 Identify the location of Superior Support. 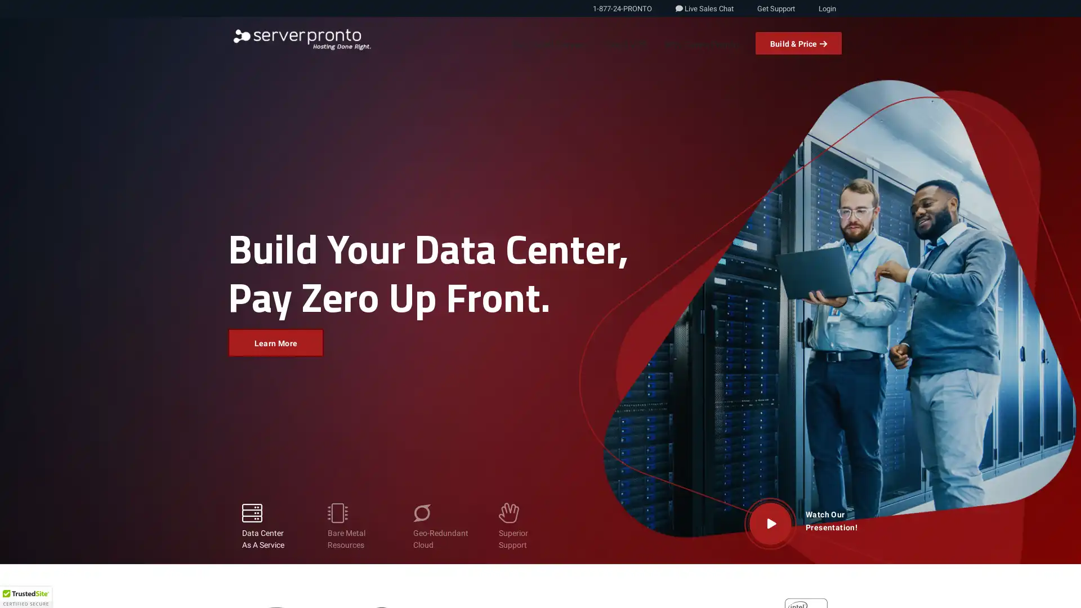
(526, 527).